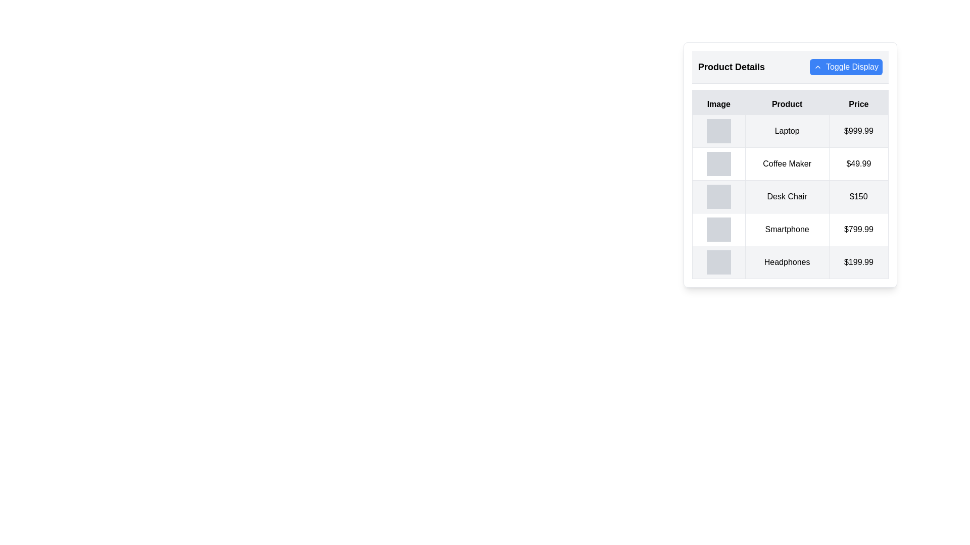  Describe the element at coordinates (787, 230) in the screenshot. I see `the text label for the product 'Smartphone' located in the fourth row of the table under the 'Product' column` at that location.